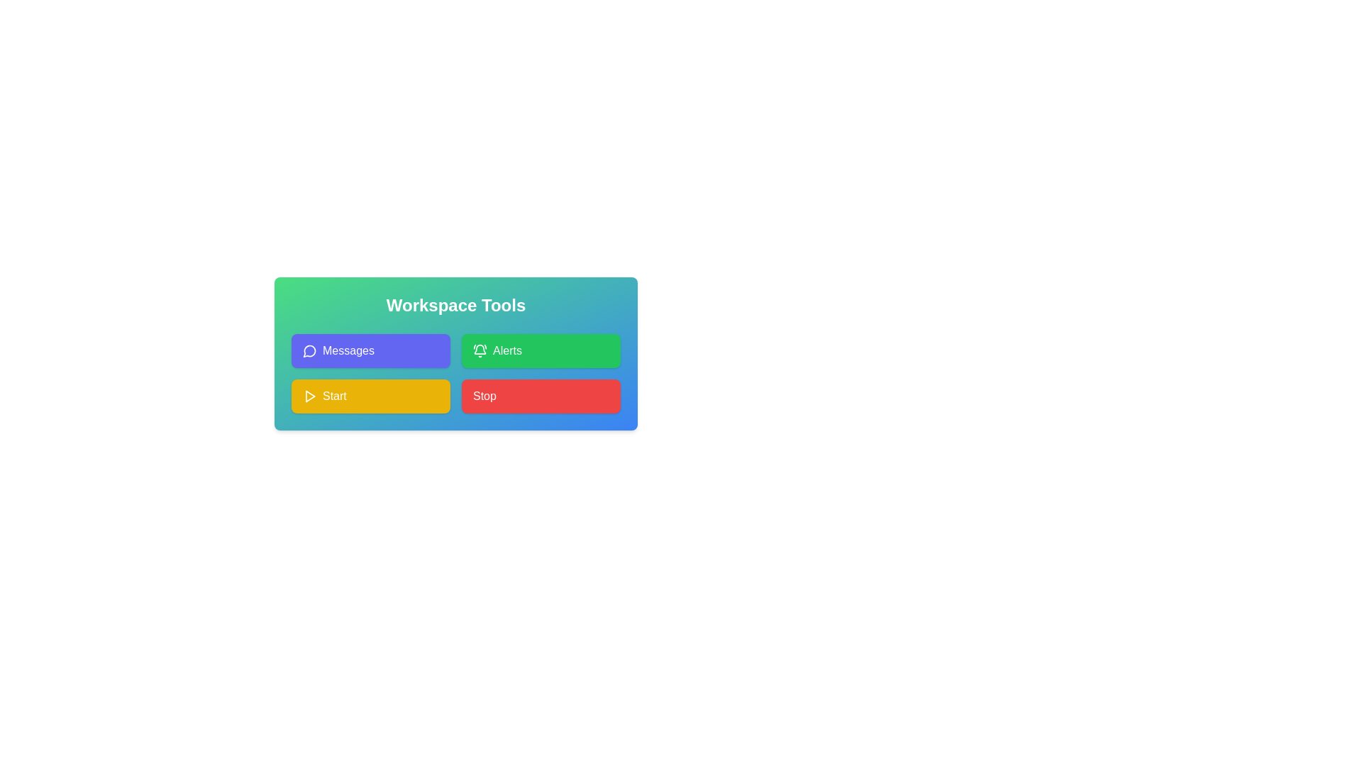  What do you see at coordinates (507, 350) in the screenshot?
I see `the 'Alerts' text label located within a green button, which is styled with rounded corners and includes a bell icon on its left side` at bounding box center [507, 350].